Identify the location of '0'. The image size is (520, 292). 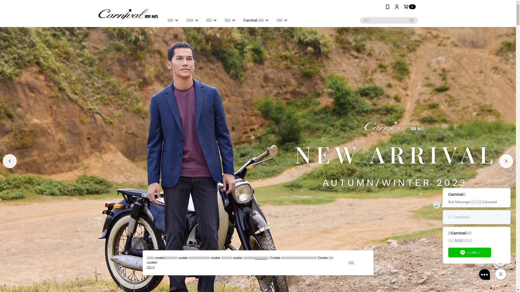
(409, 6).